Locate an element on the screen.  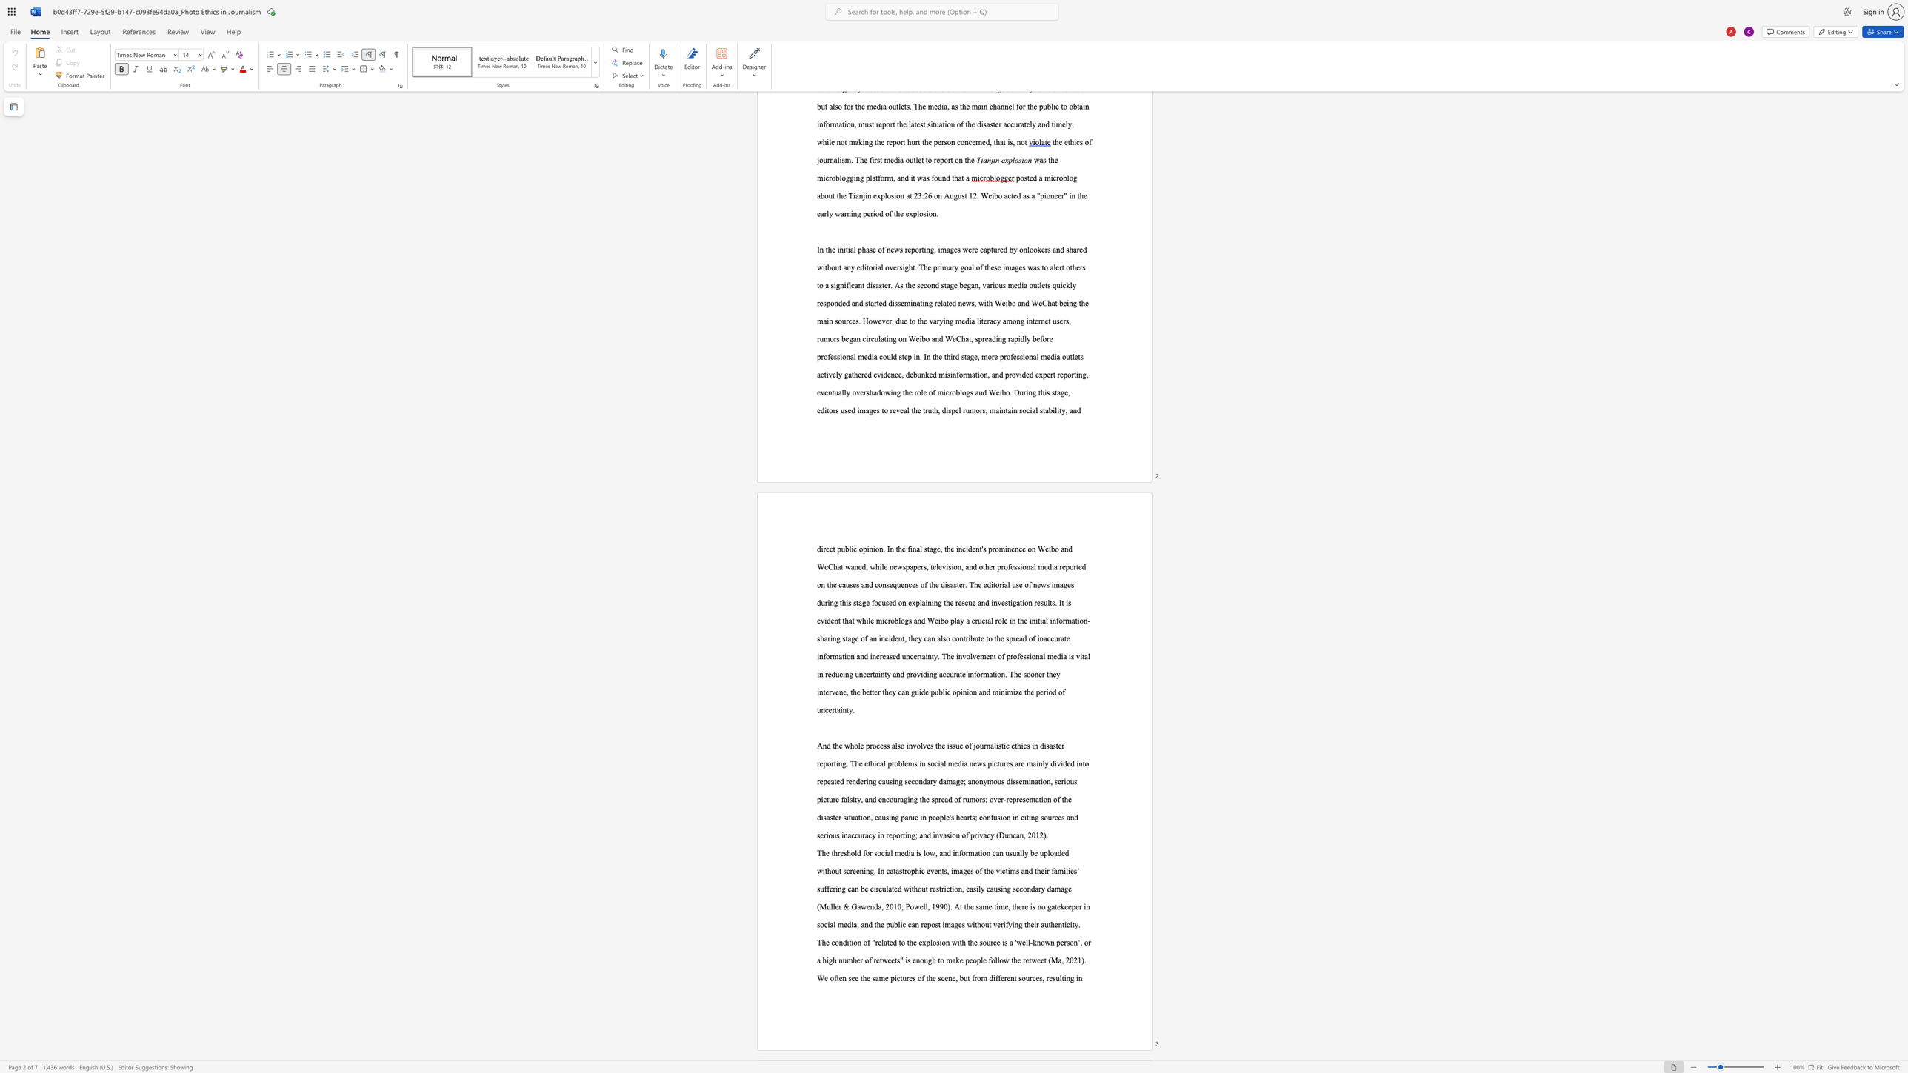
the subset text "related to the explosion wit" within the text "The threshold for social media is low, and information can usually be uploaded without screening. In catastrophic events, images of the victims and their families’ suffering can be circulated without restriction, easily causing secondary damage (Muller & Gawenda, 2010; Powell, 1990). At the same time, there is no gatekeeper in social media, and the public can repost images without verifying their authenticity. The condition of" is located at coordinates (875, 942).